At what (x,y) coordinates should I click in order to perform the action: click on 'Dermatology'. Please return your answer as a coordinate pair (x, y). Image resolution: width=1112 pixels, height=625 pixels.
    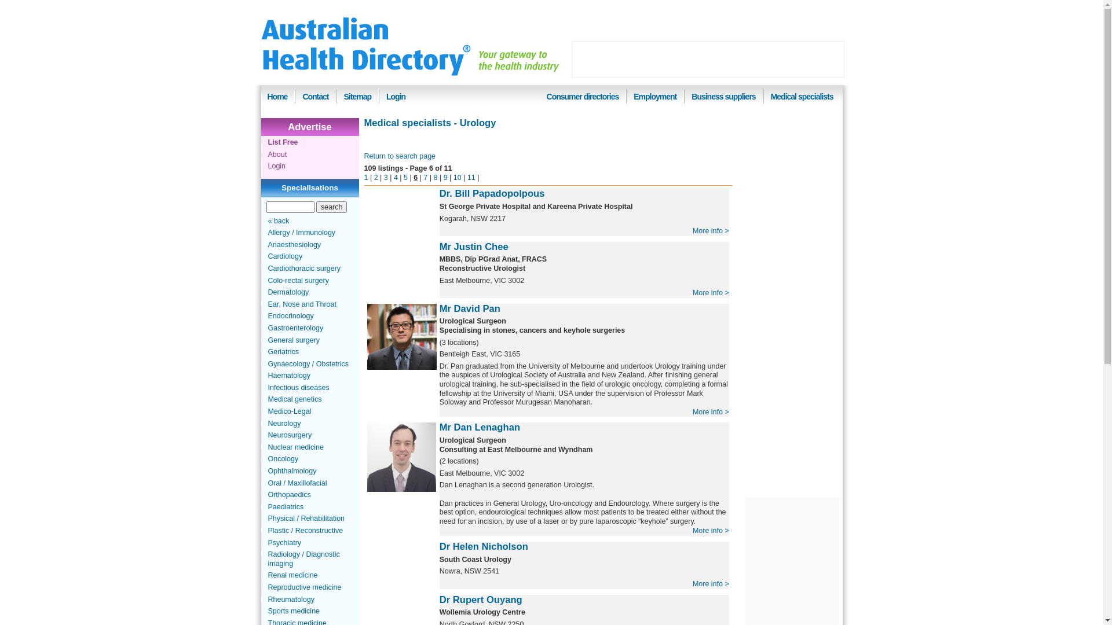
    Looking at the image, I should click on (288, 292).